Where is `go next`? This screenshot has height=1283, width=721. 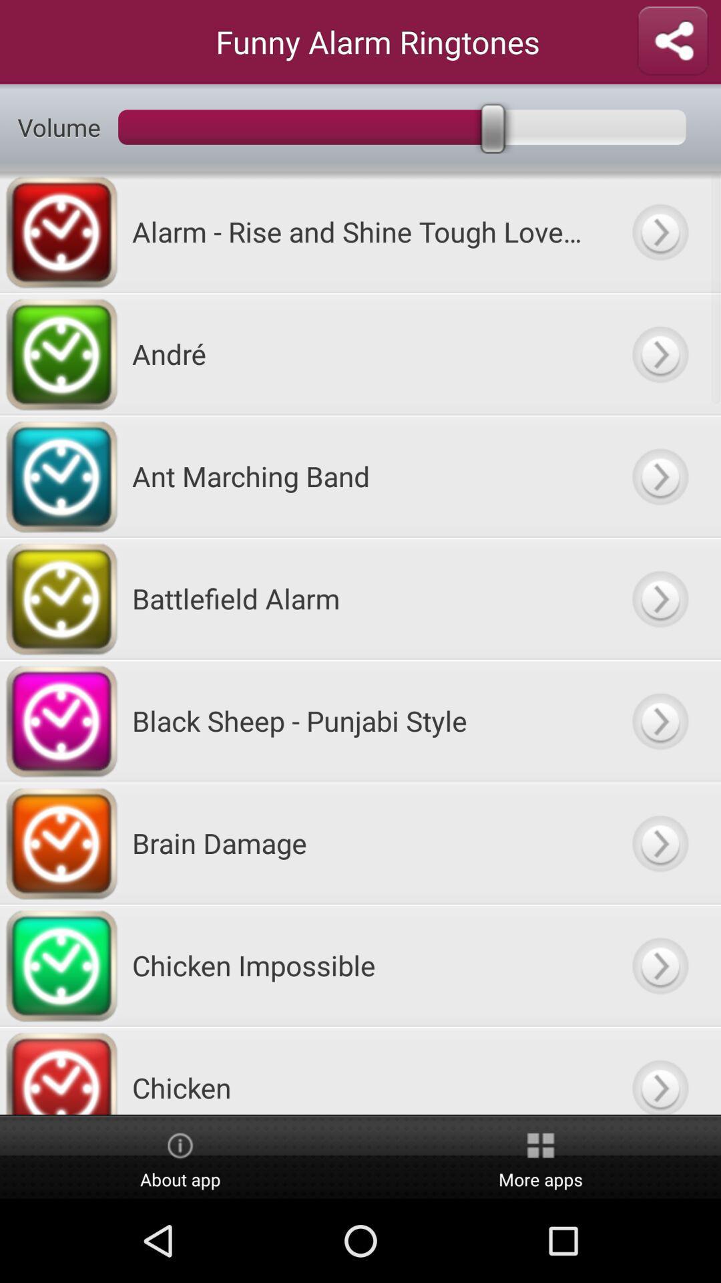
go next is located at coordinates (659, 965).